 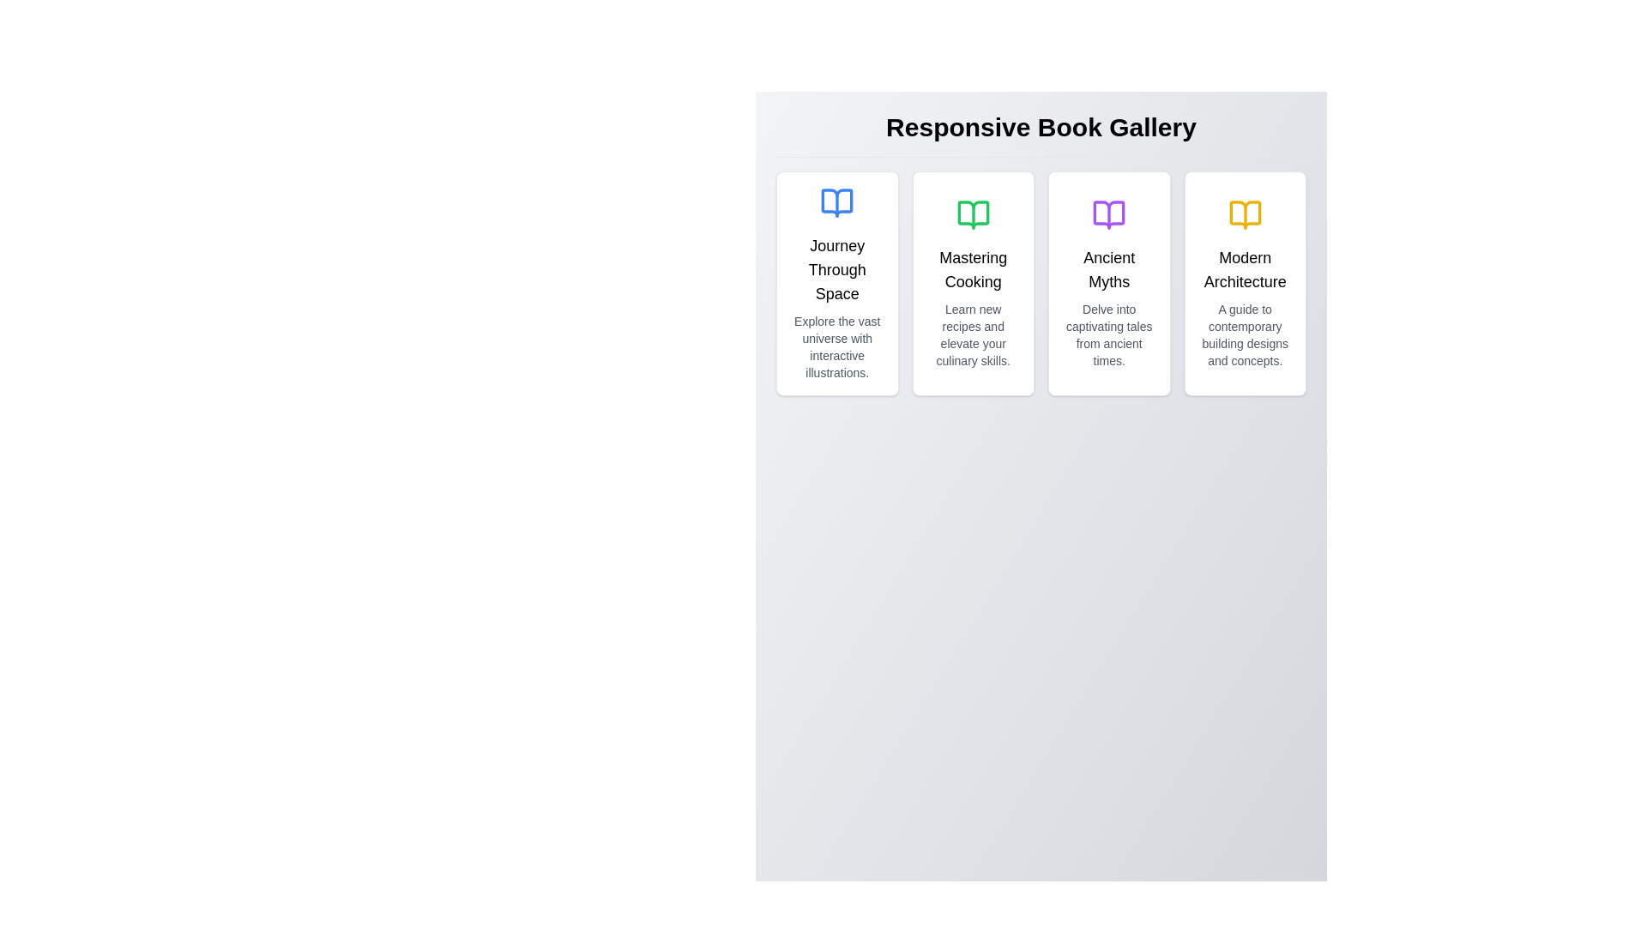 I want to click on the Text Label displaying 'Journey Through Space' which is styled in a large, bold font and is positioned below an open book icon, so click(x=837, y=270).